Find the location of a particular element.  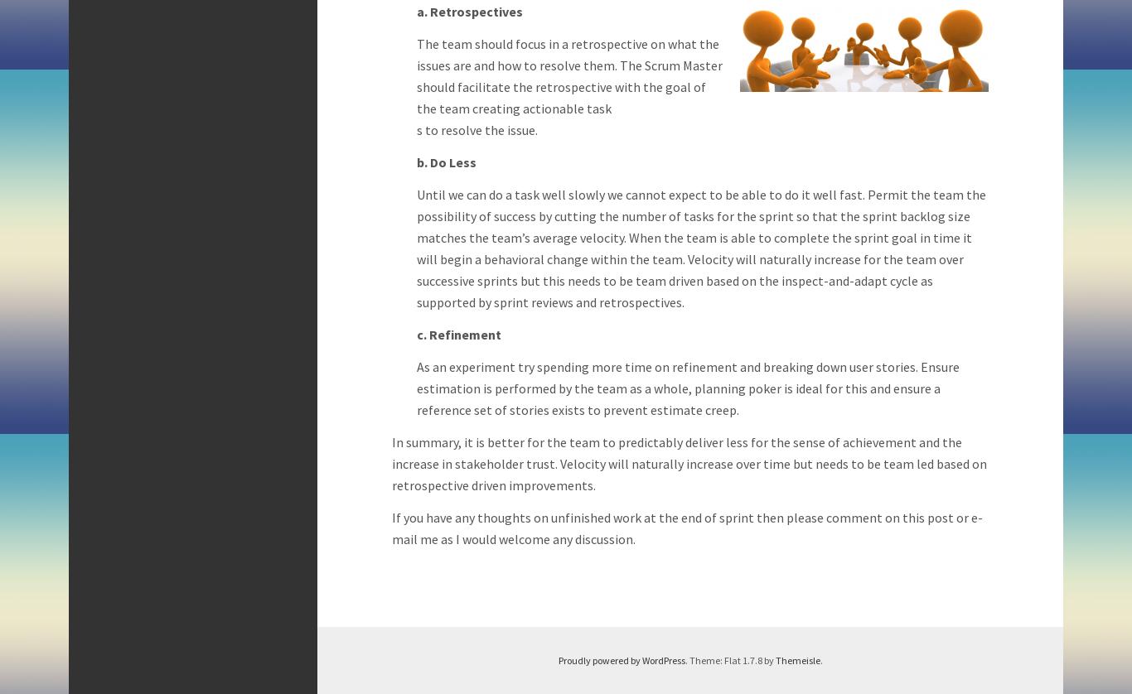

'If you have any thoughts on unfinished work at the end of sprint then please comment on this post or e-mail me as I would welcome any discussion.' is located at coordinates (686, 527).